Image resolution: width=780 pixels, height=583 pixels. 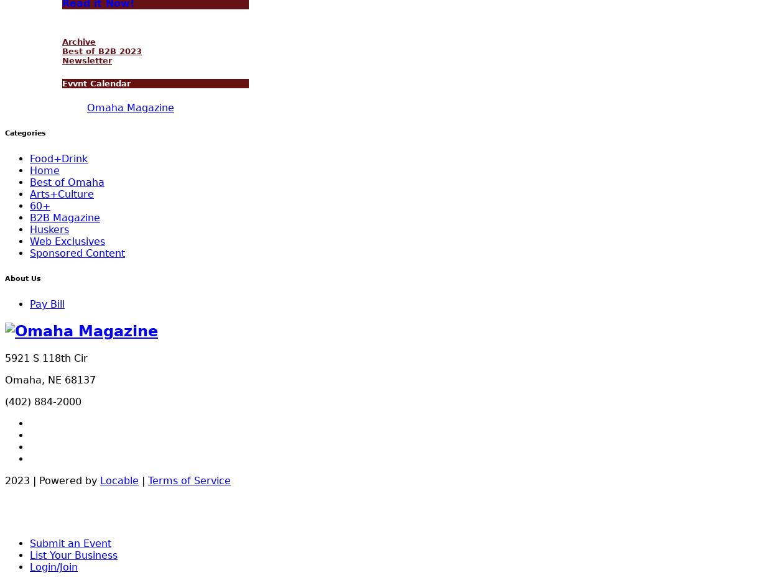 I want to click on '5921 S 118th Cir', so click(x=5, y=357).